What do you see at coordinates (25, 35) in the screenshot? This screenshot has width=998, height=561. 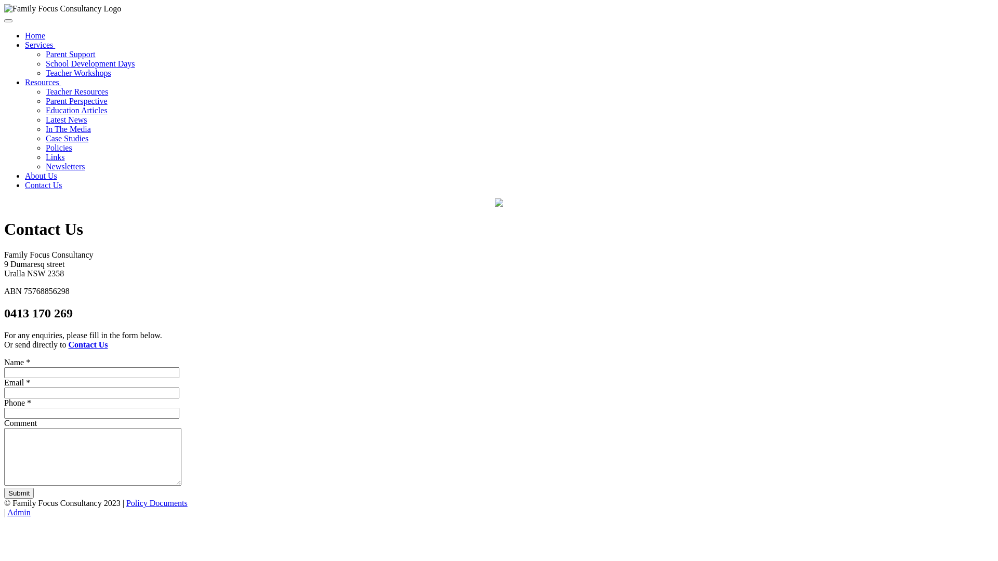 I see `'Home'` at bounding box center [25, 35].